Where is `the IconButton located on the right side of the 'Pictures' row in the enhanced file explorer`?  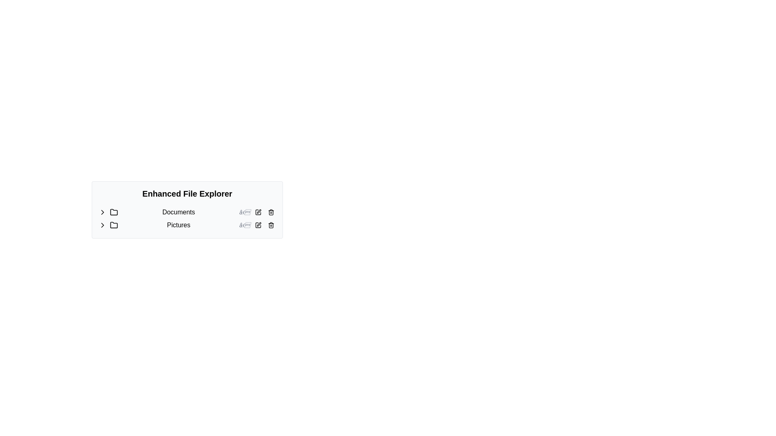 the IconButton located on the right side of the 'Pictures' row in the enhanced file explorer is located at coordinates (258, 211).